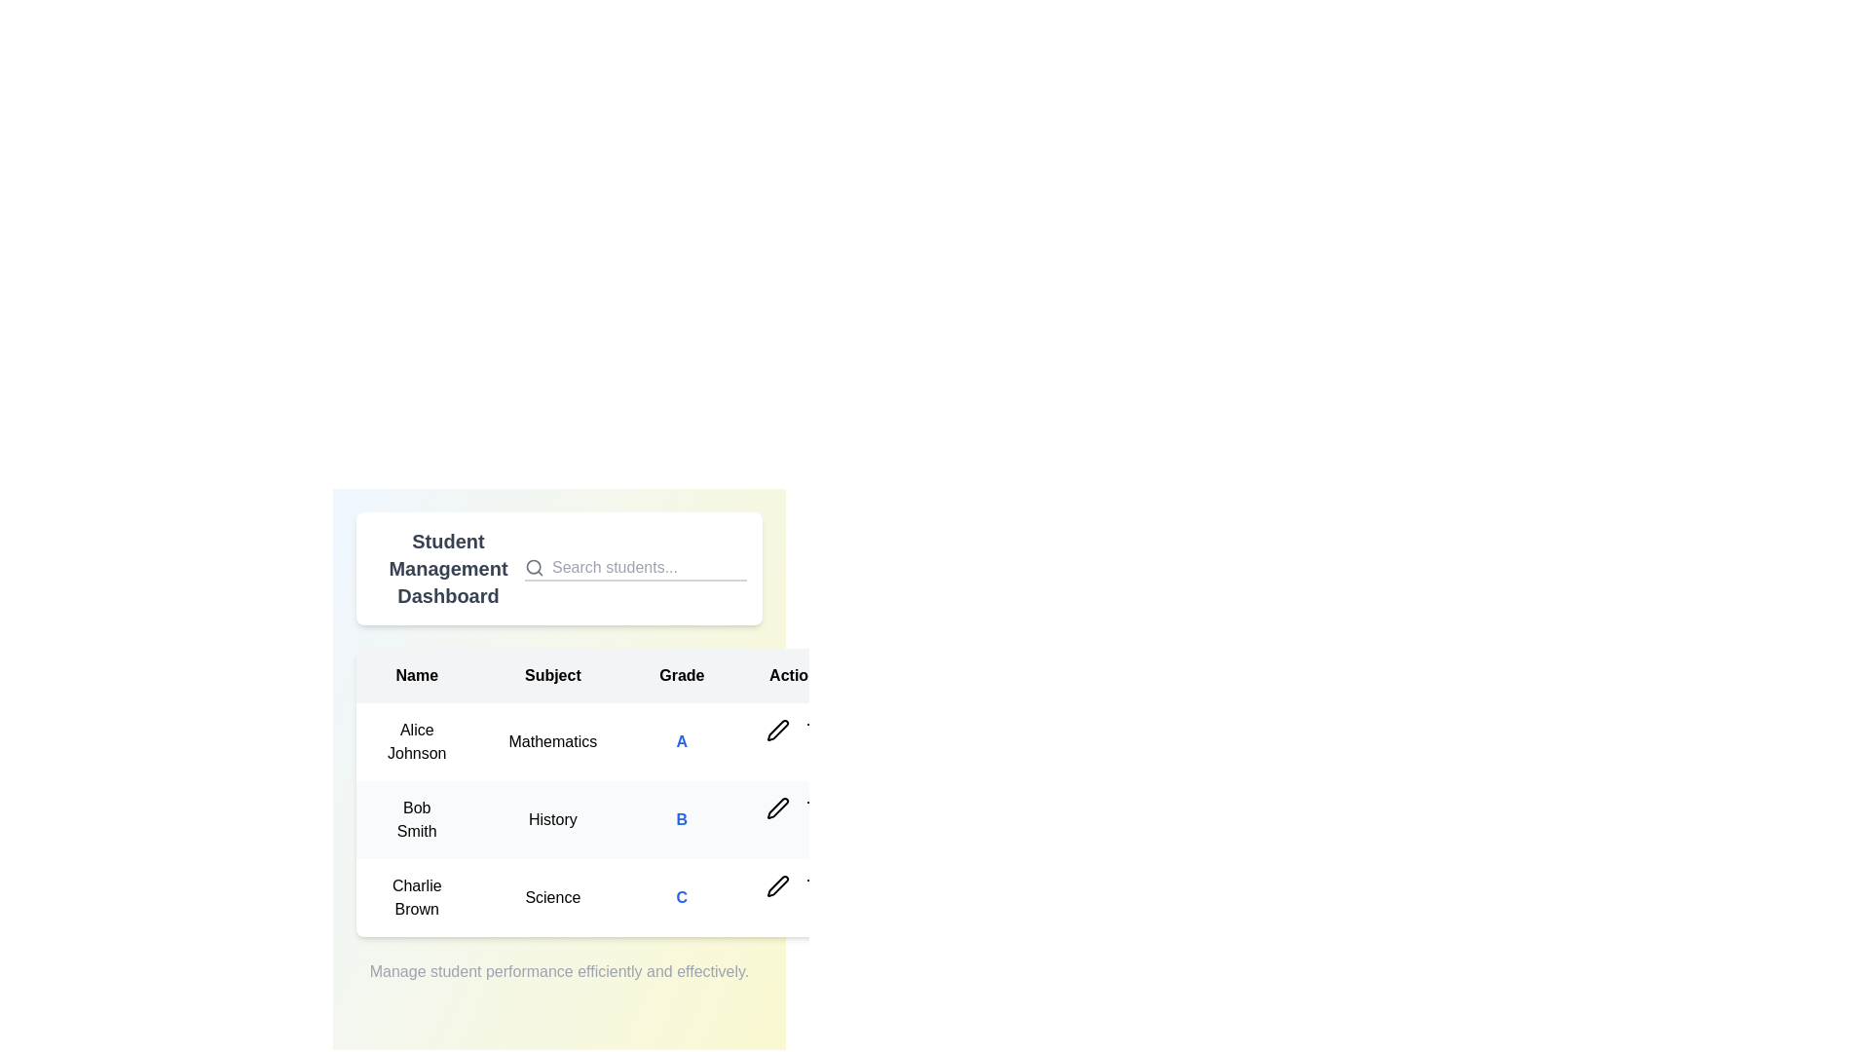 The image size is (1870, 1052). What do you see at coordinates (416, 897) in the screenshot?
I see `the static text label displaying 'Charlie Brown', located in the first column of the table as the third entry` at bounding box center [416, 897].